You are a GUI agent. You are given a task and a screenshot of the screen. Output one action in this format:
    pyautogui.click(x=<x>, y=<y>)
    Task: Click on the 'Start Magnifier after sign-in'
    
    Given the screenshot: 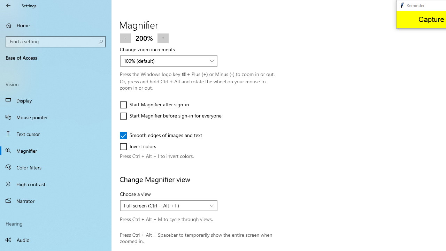 What is the action you would take?
    pyautogui.click(x=154, y=105)
    